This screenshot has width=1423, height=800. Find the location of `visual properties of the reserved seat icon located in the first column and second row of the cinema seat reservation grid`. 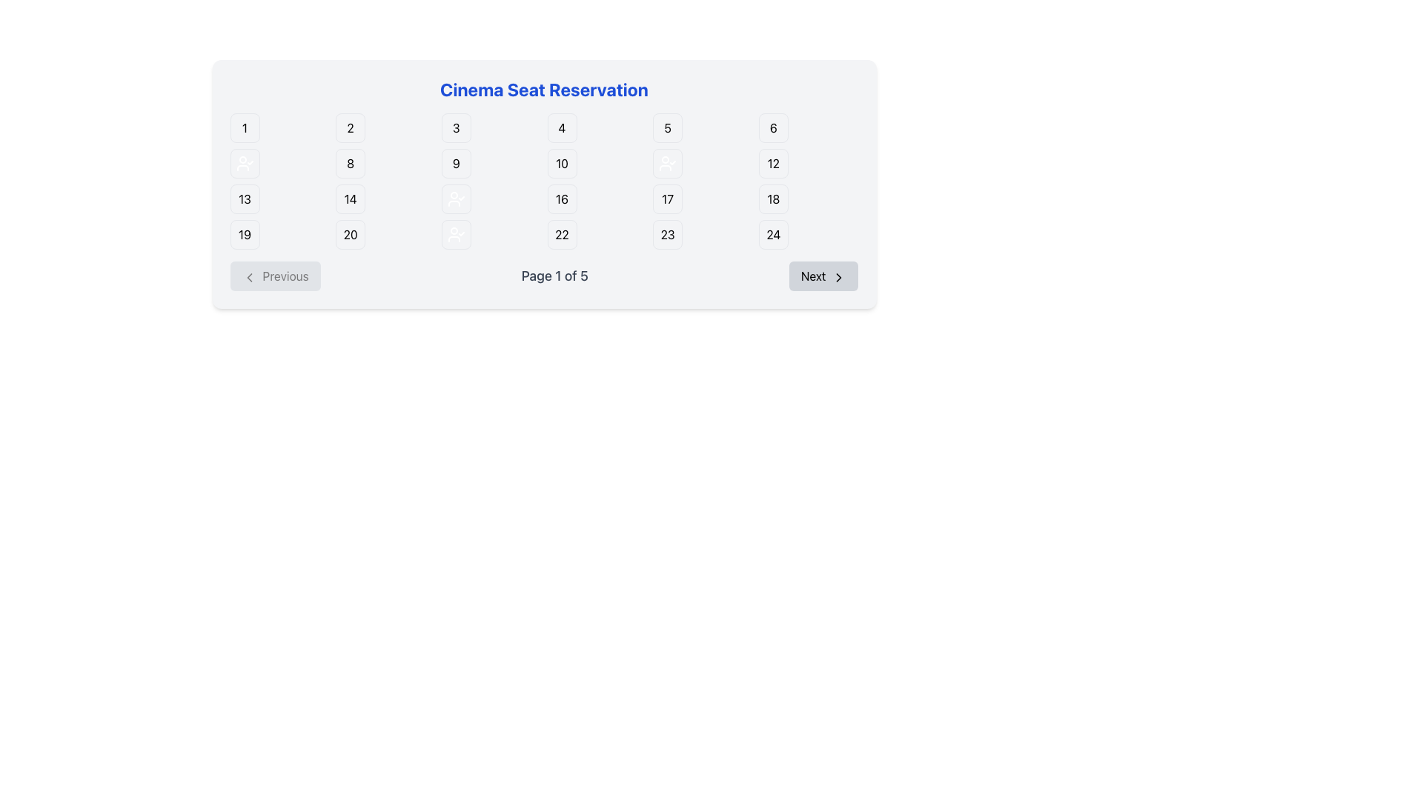

visual properties of the reserved seat icon located in the first column and second row of the cinema seat reservation grid is located at coordinates (245, 163).